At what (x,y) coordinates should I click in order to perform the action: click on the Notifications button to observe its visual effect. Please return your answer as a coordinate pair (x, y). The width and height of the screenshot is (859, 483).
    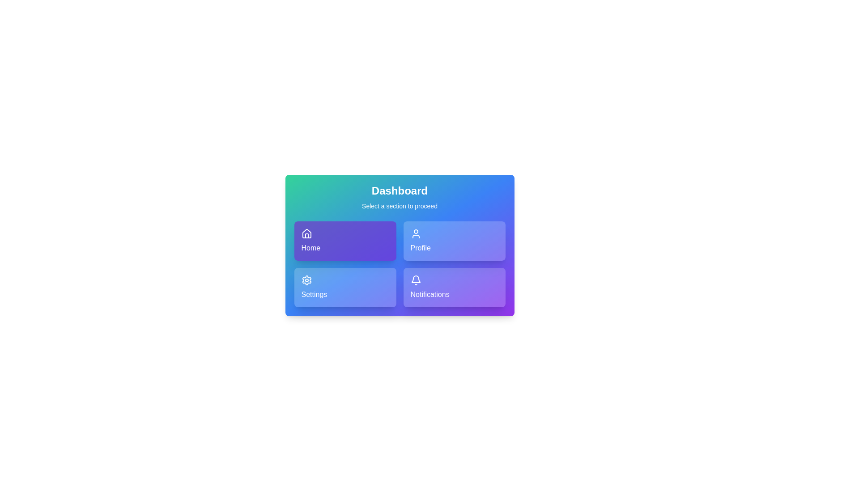
    Looking at the image, I should click on (454, 288).